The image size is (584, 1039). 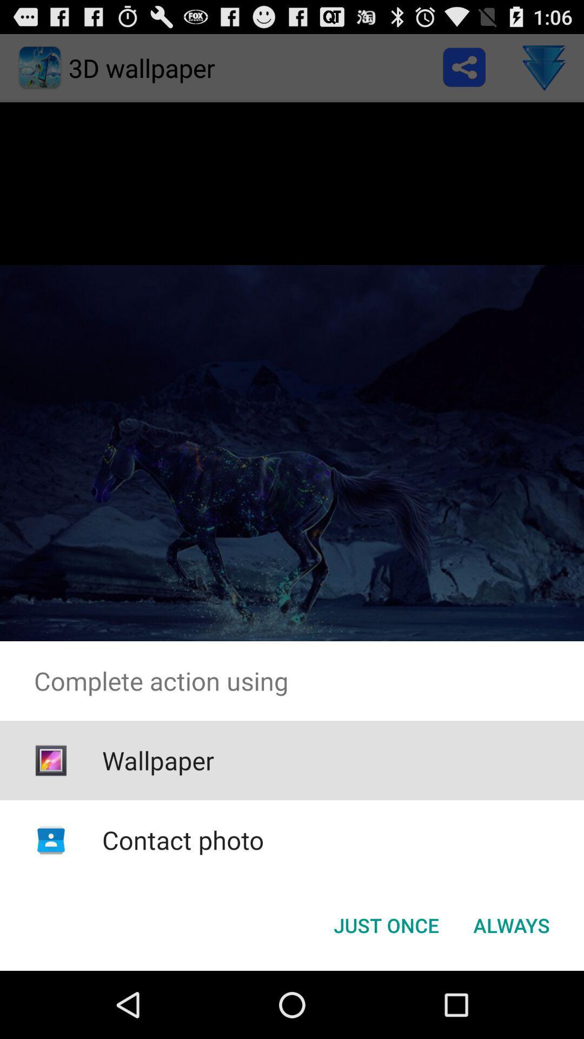 I want to click on just once button, so click(x=386, y=924).